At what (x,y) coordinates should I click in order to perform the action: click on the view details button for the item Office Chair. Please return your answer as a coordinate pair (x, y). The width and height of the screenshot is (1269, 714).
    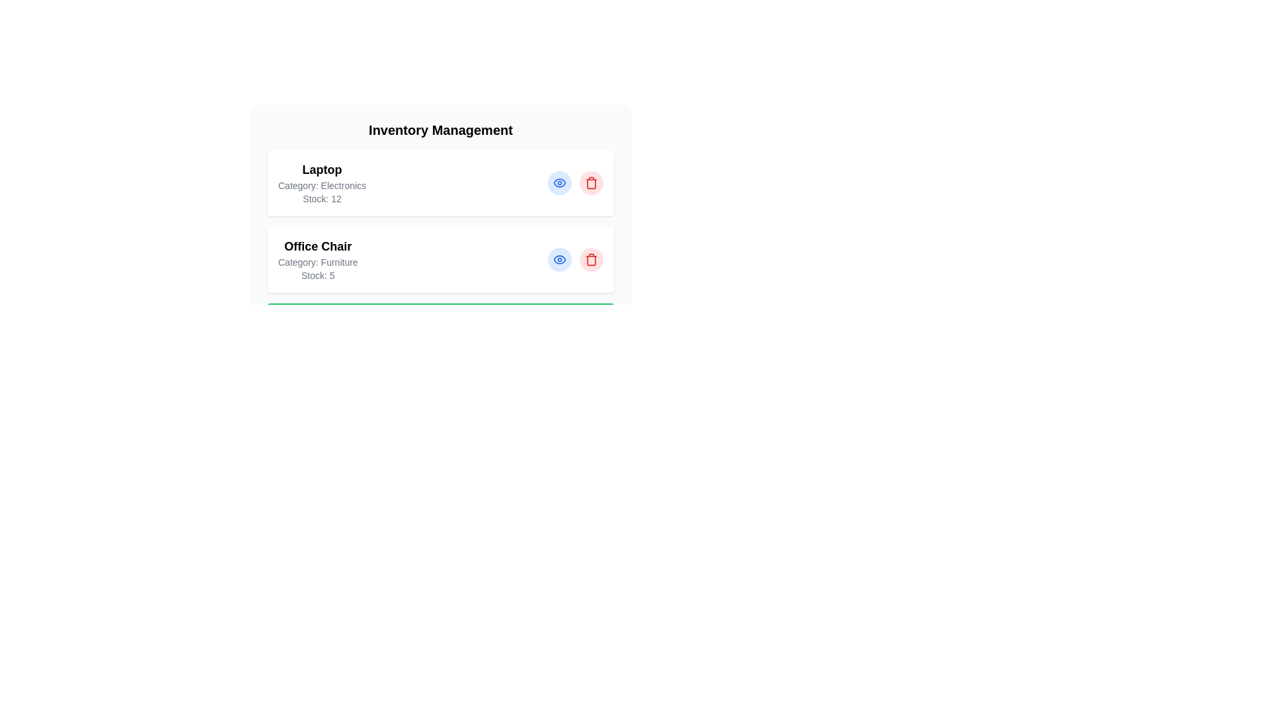
    Looking at the image, I should click on (559, 260).